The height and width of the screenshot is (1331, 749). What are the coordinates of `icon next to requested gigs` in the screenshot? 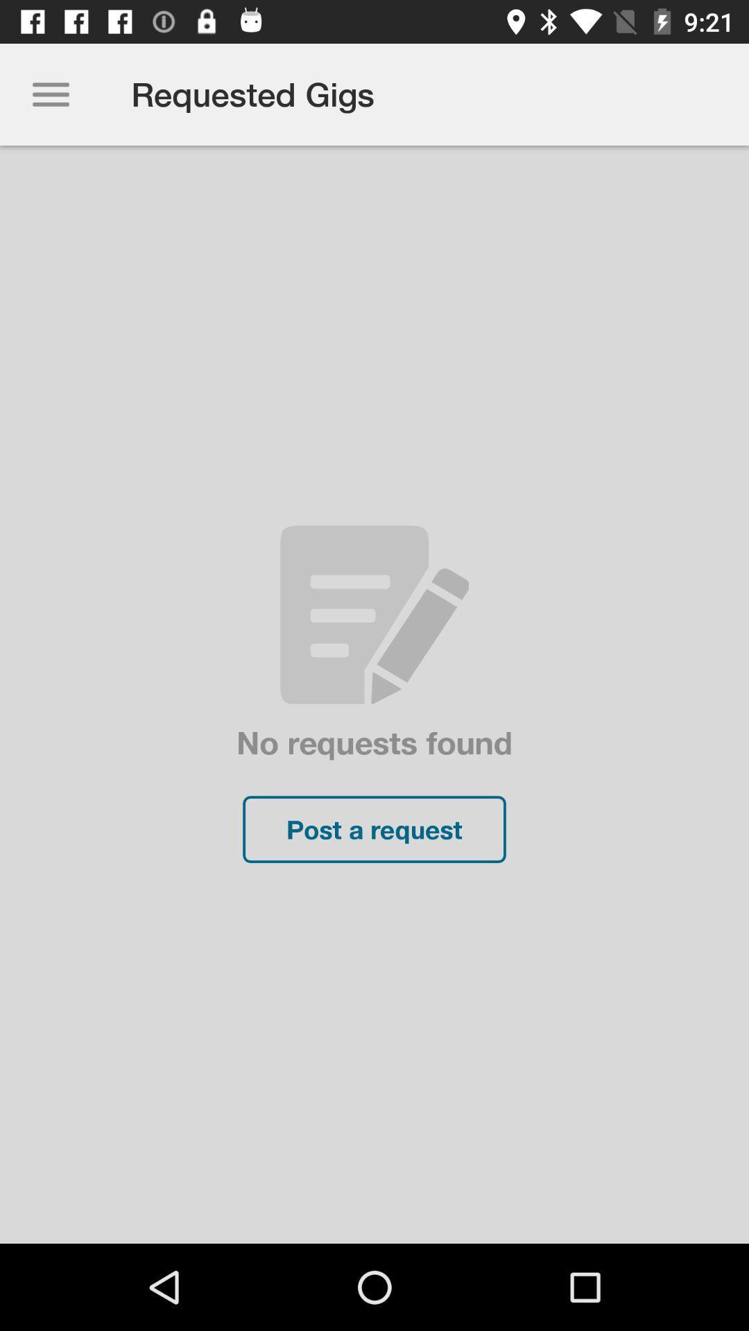 It's located at (50, 94).